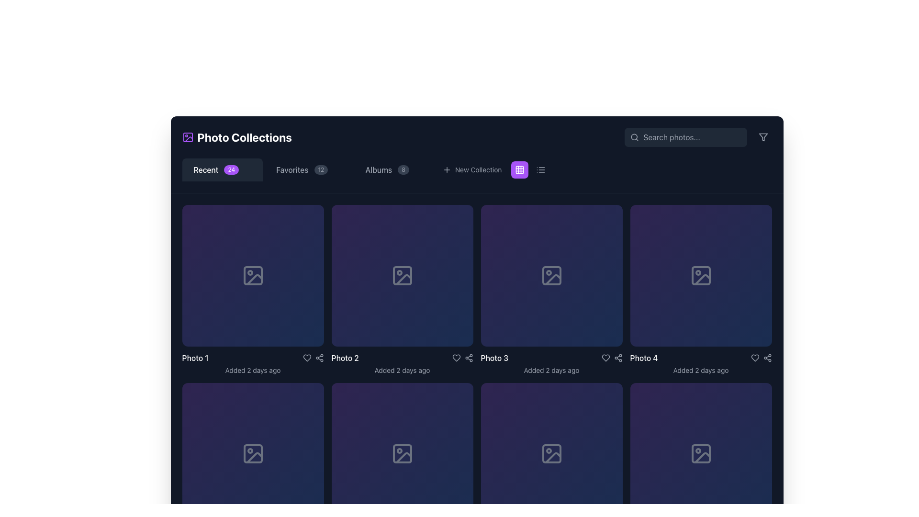 The image size is (919, 517). I want to click on the timestamp text label located below the 'Photo 3' label in the third column of the grid layout, so click(551, 370).